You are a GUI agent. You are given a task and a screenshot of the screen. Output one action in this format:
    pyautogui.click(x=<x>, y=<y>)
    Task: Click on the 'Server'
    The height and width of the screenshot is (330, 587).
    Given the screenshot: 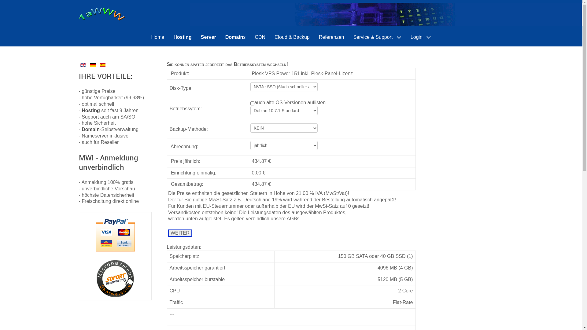 What is the action you would take?
    pyautogui.click(x=196, y=37)
    